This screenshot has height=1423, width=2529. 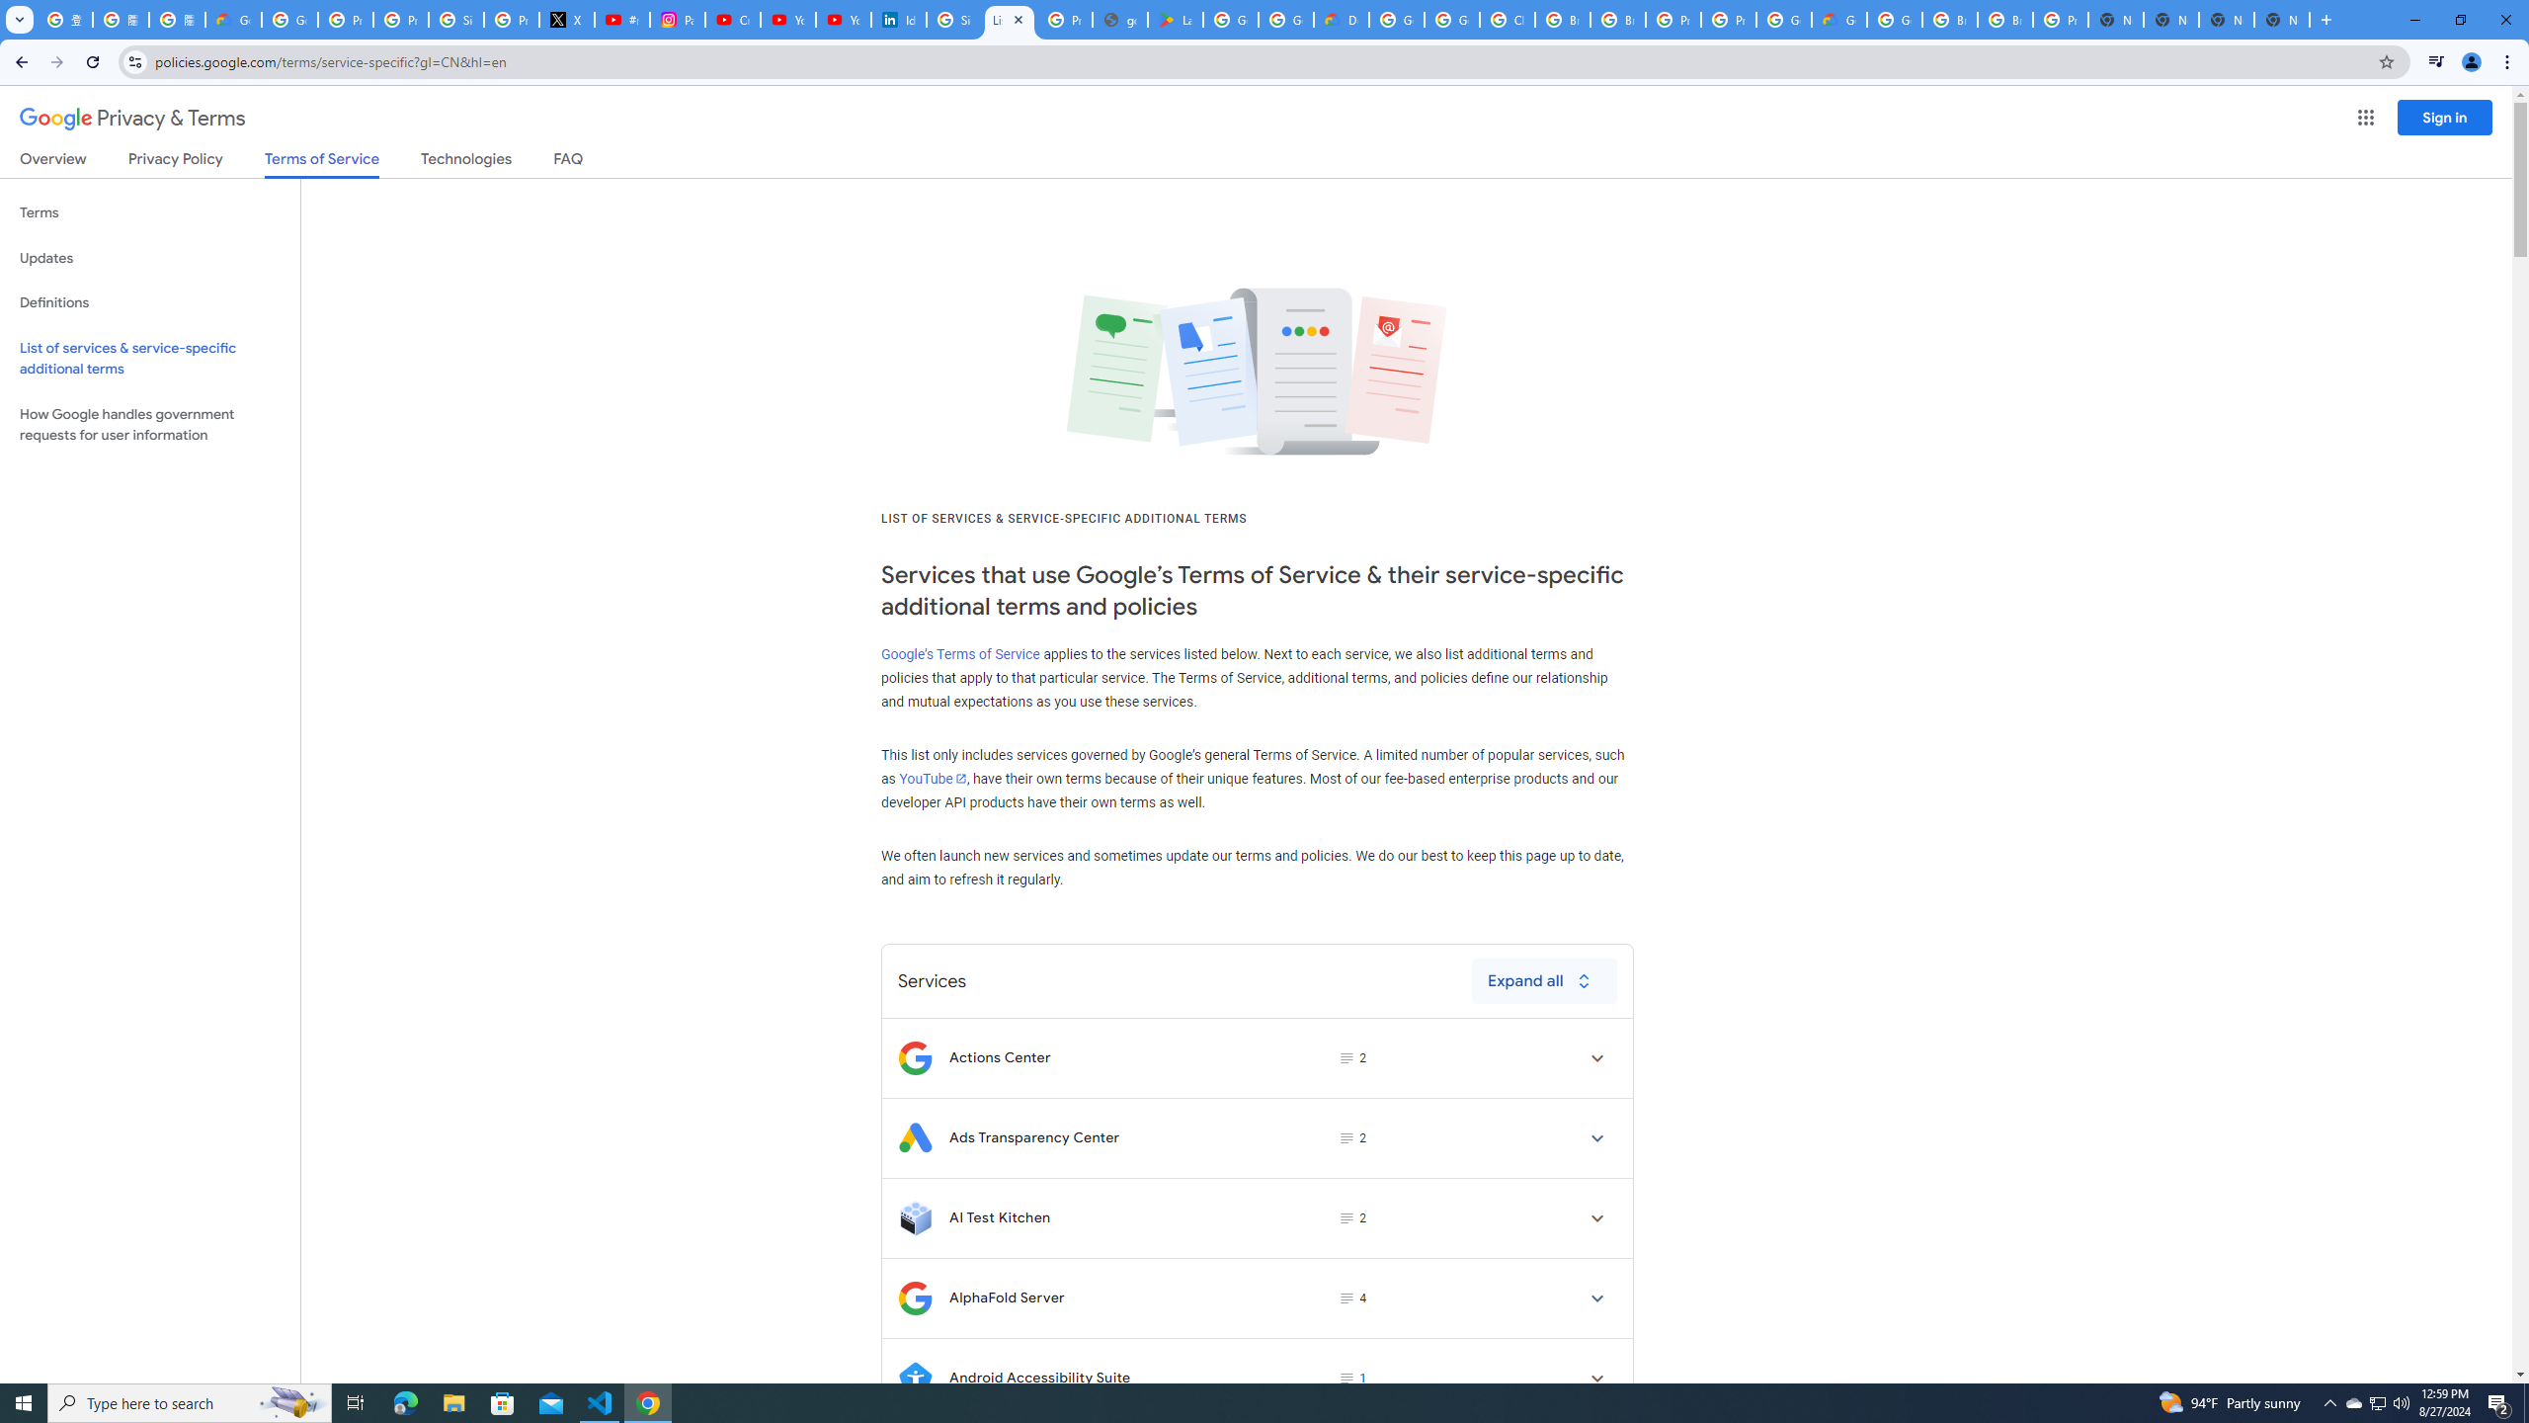 What do you see at coordinates (914, 1297) in the screenshot?
I see `'Logo for AlphaFold Server'` at bounding box center [914, 1297].